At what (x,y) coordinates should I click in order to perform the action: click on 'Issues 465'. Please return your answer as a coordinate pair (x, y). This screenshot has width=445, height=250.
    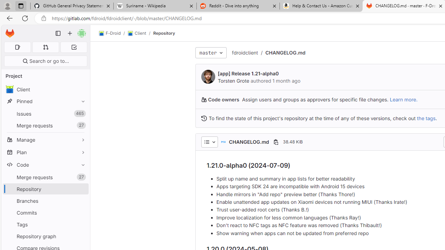
    Looking at the image, I should click on (45, 113).